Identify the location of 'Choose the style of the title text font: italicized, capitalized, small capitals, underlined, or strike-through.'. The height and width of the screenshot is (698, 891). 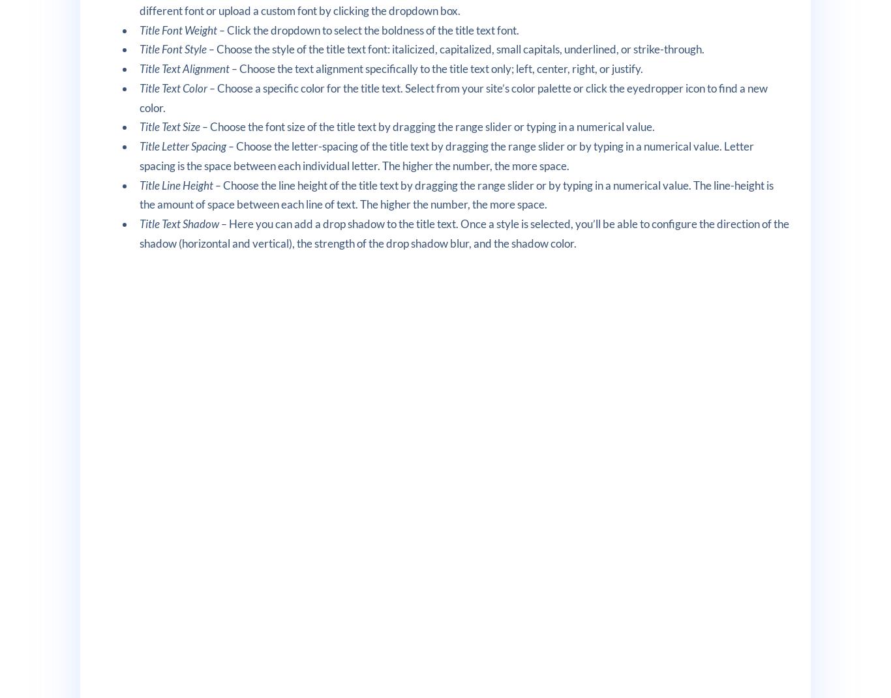
(460, 48).